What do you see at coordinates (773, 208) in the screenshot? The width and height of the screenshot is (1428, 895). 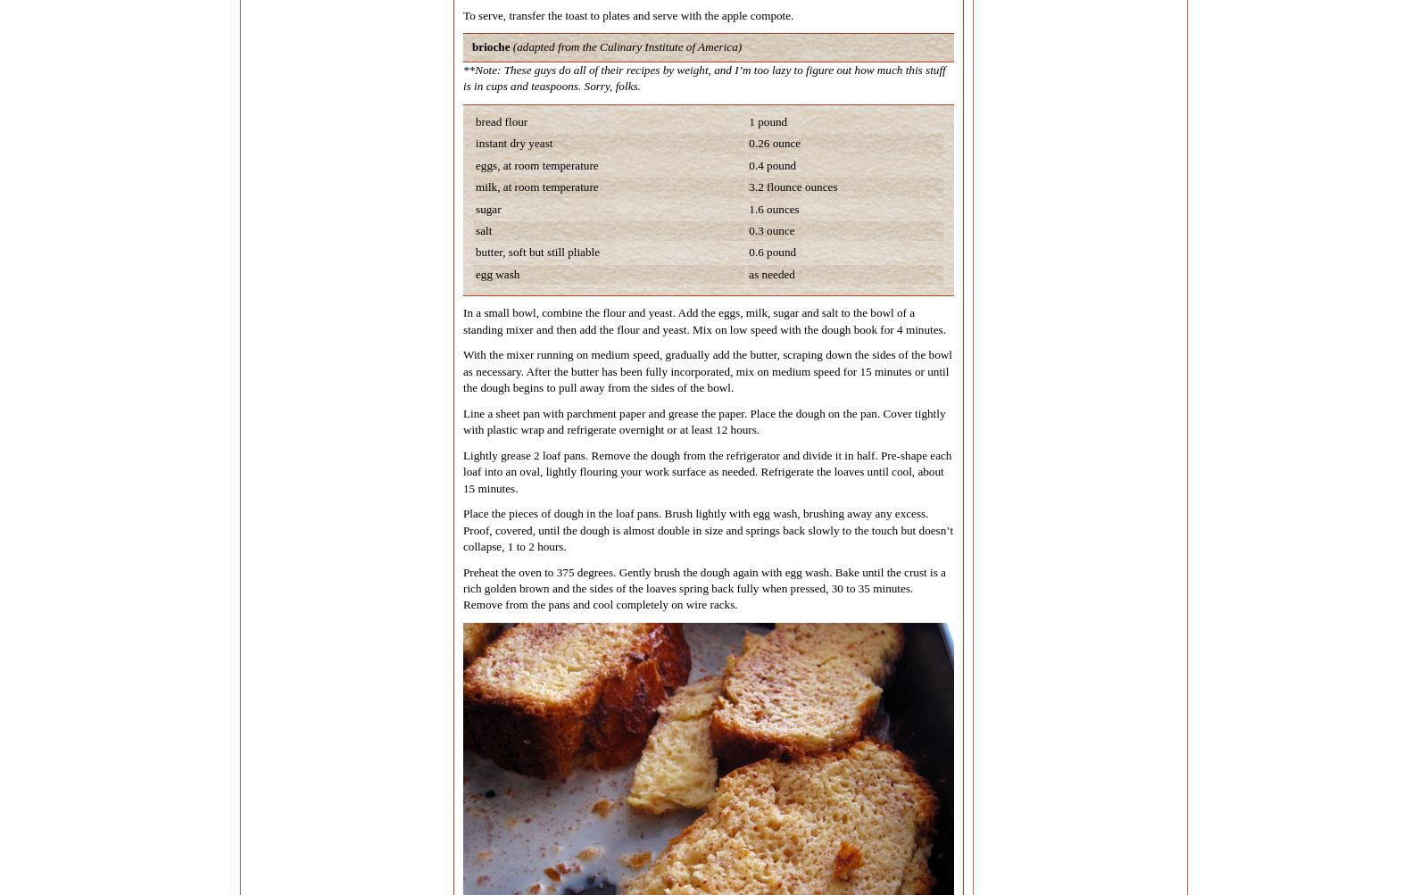 I see `'1.6 ounces'` at bounding box center [773, 208].